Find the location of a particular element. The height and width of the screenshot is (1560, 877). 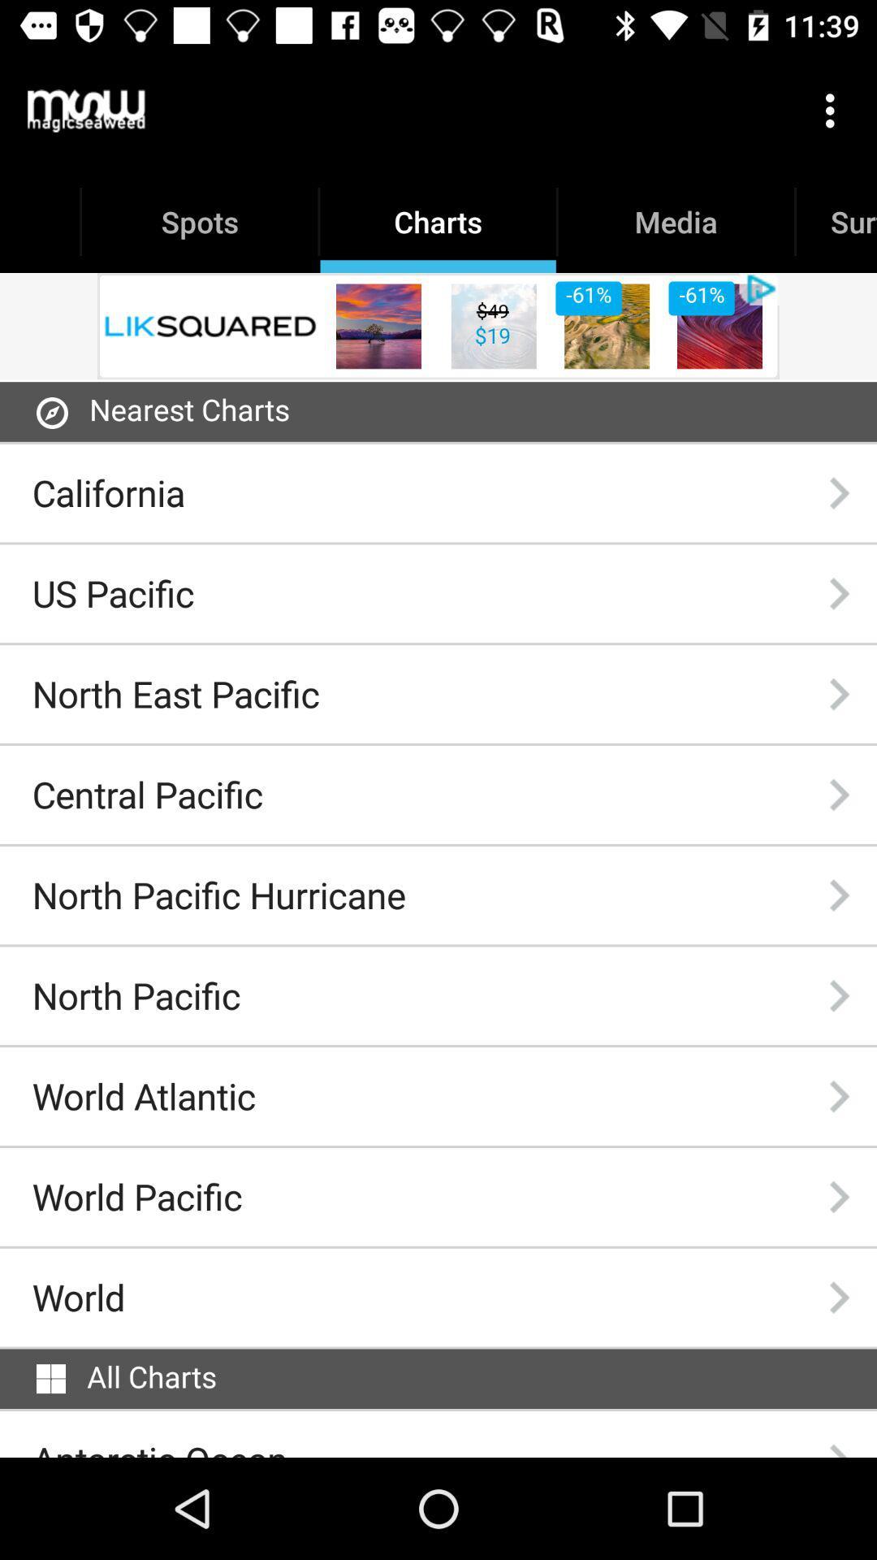

the item above the california item is located at coordinates (188, 409).